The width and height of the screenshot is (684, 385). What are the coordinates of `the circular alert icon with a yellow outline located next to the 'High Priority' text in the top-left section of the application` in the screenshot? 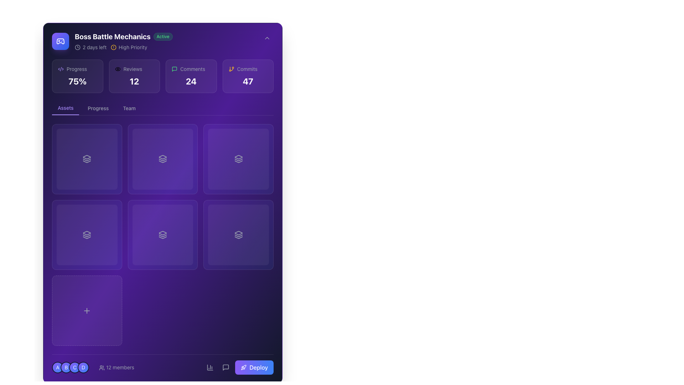 It's located at (113, 47).